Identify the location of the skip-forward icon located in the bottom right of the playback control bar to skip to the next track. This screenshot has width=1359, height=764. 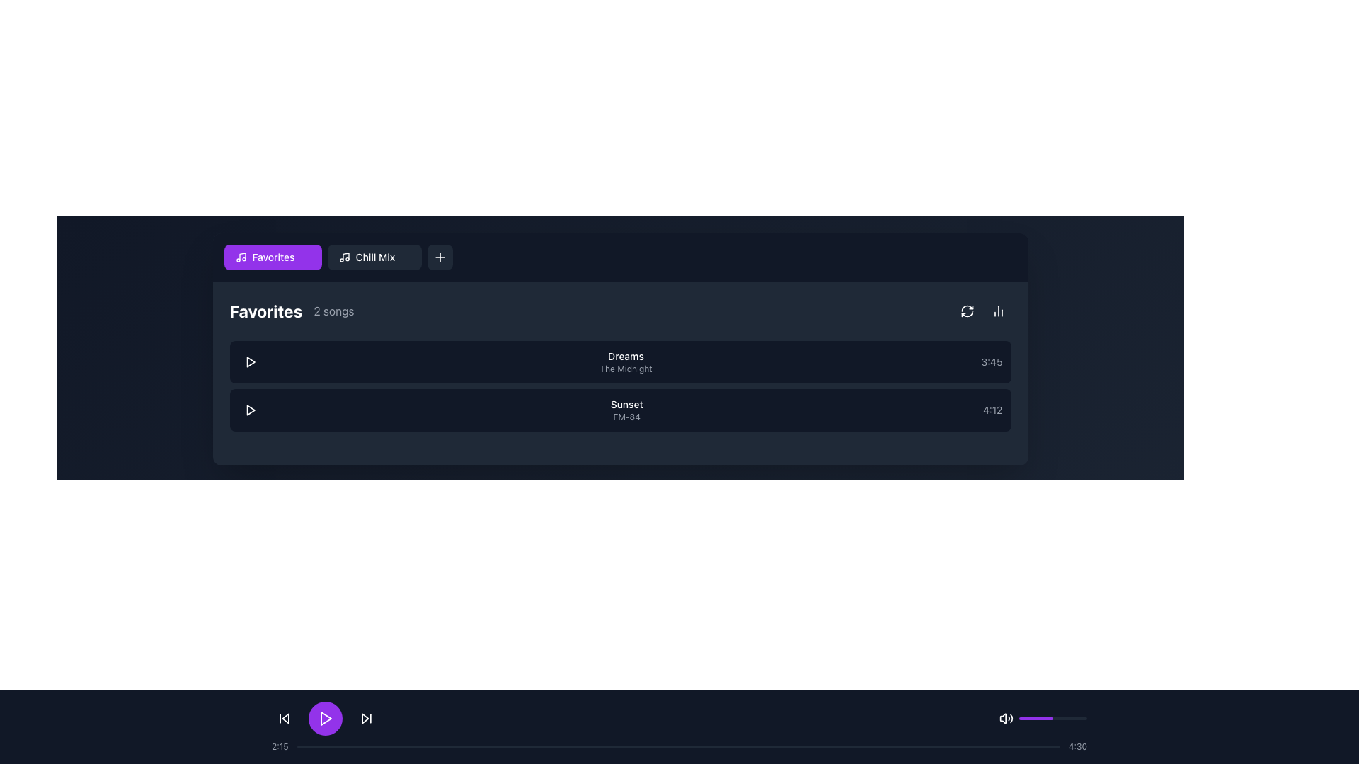
(367, 718).